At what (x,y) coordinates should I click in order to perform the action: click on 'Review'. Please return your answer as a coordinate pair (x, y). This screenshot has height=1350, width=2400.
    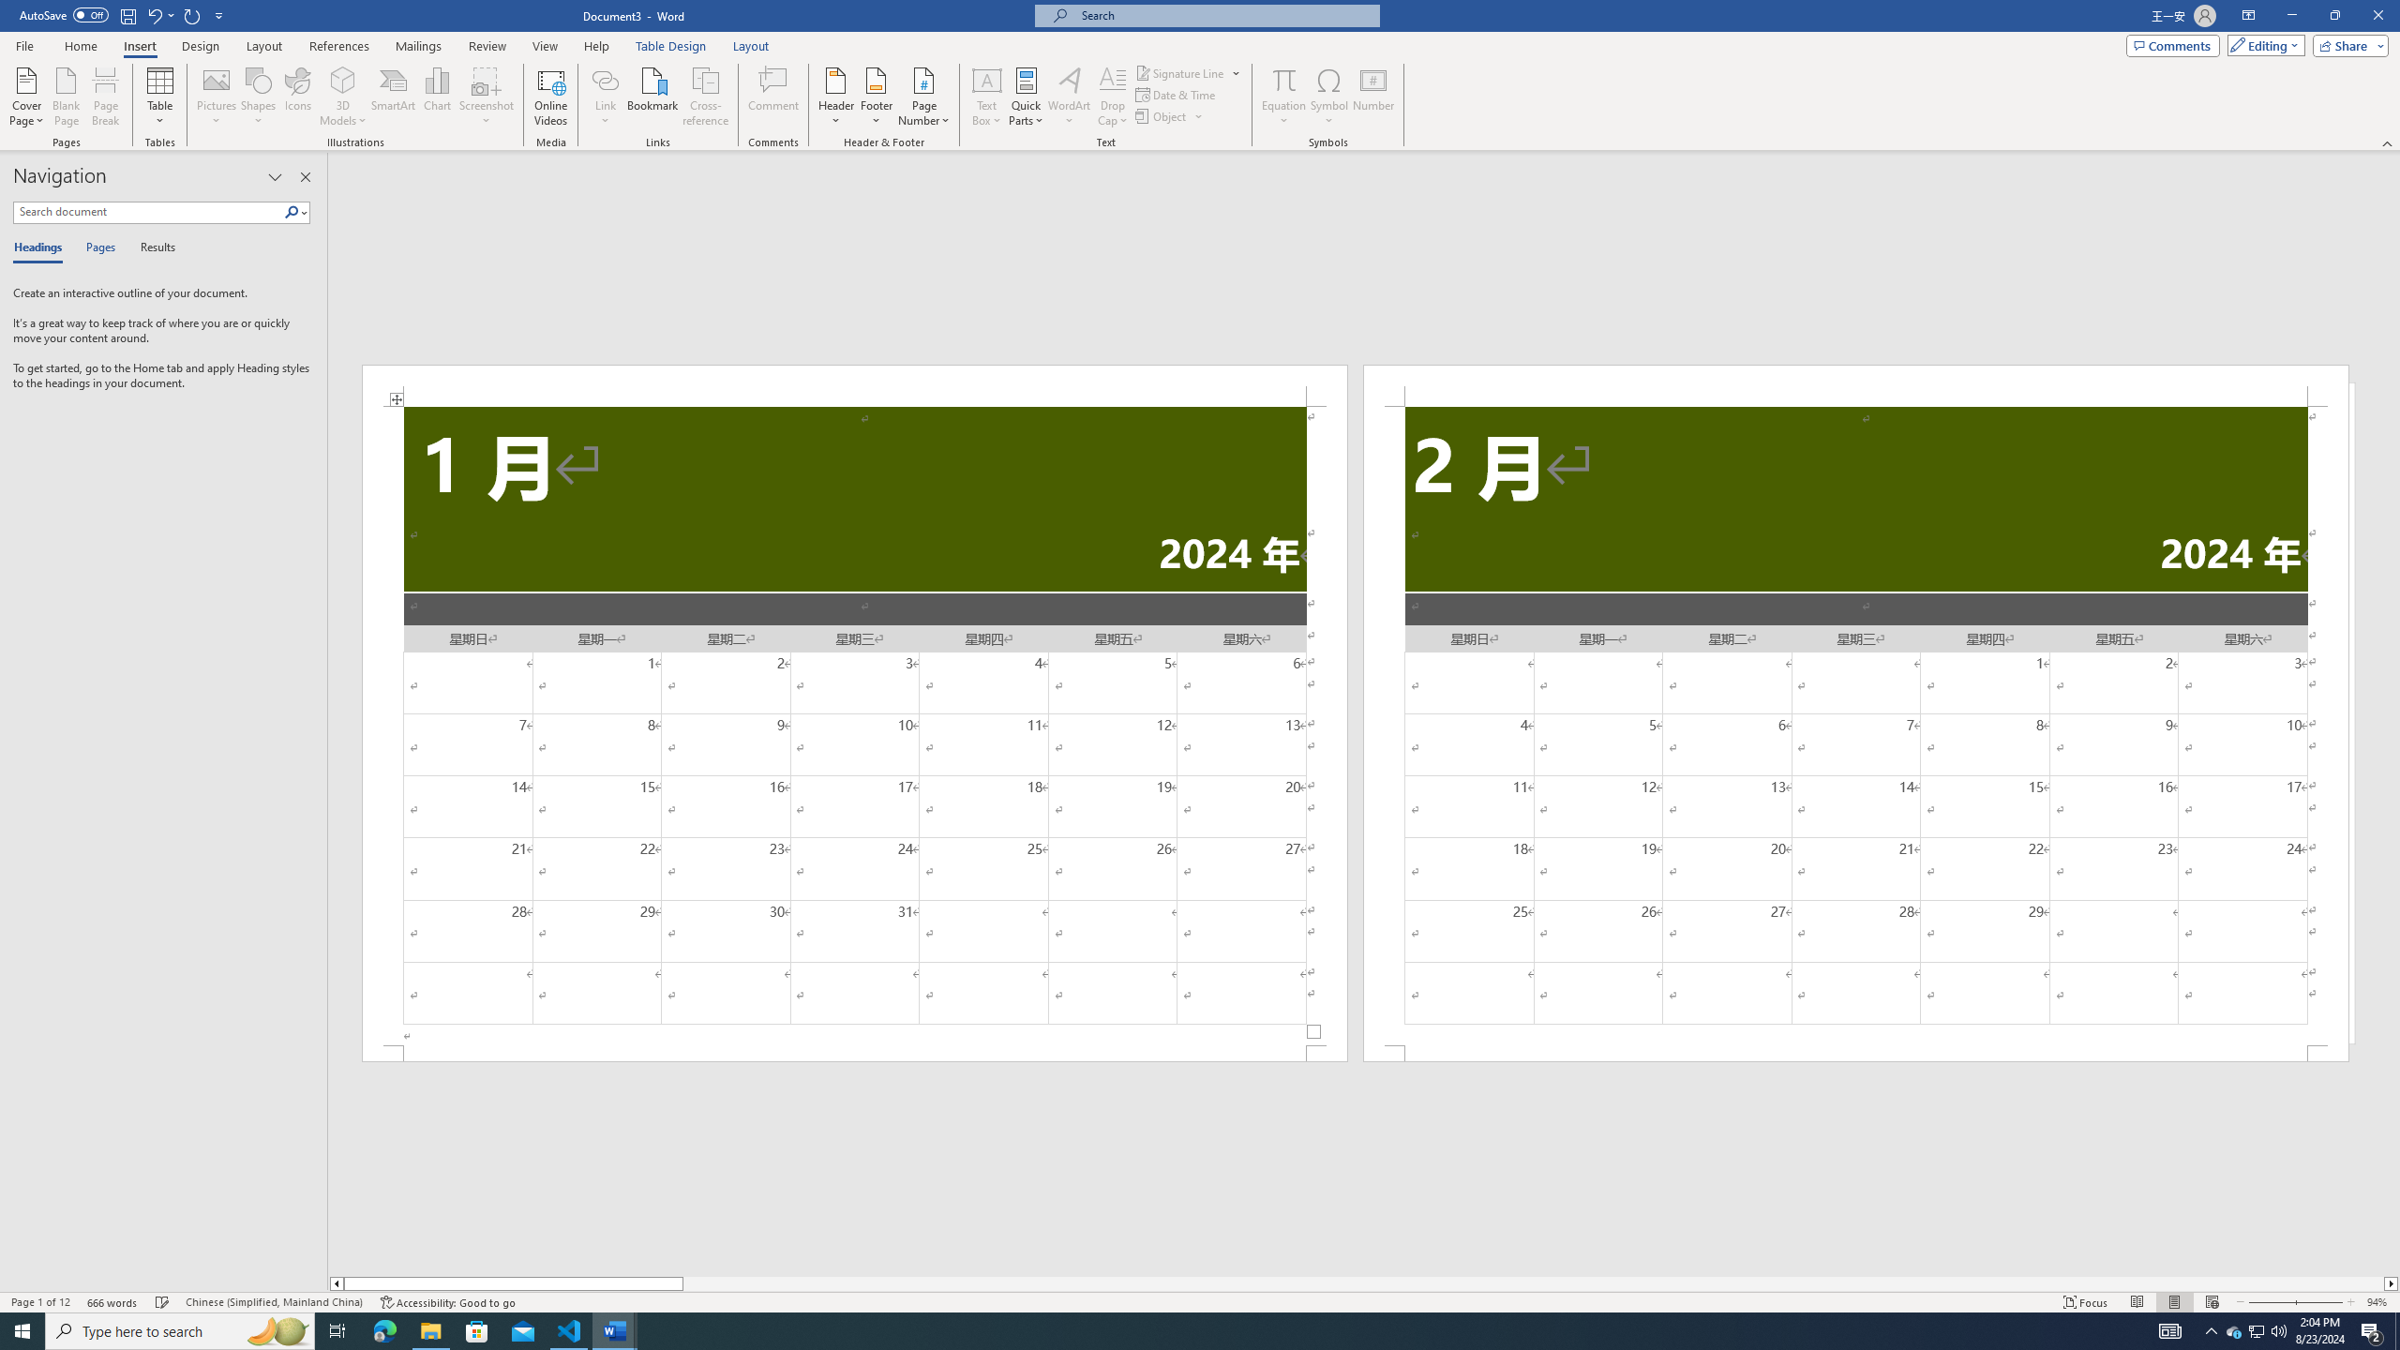
    Looking at the image, I should click on (486, 46).